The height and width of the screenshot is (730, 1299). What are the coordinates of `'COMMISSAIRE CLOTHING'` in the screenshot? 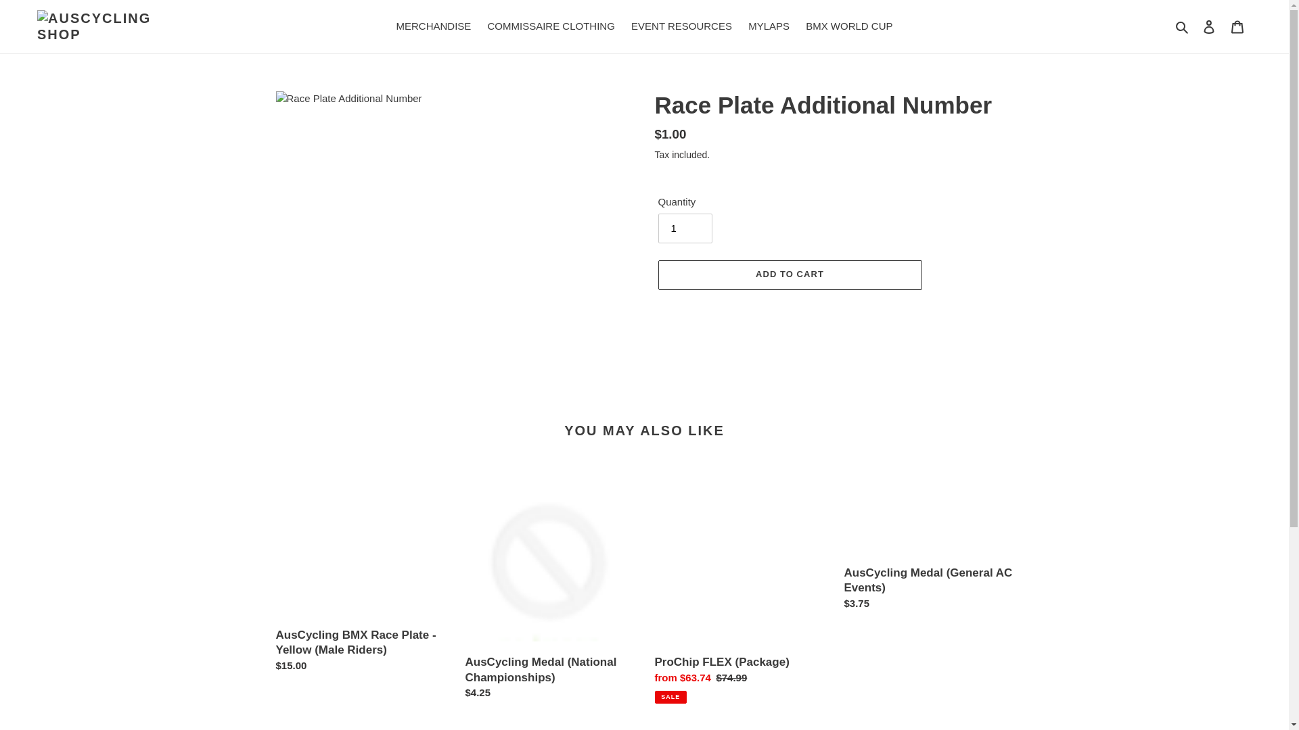 It's located at (551, 26).